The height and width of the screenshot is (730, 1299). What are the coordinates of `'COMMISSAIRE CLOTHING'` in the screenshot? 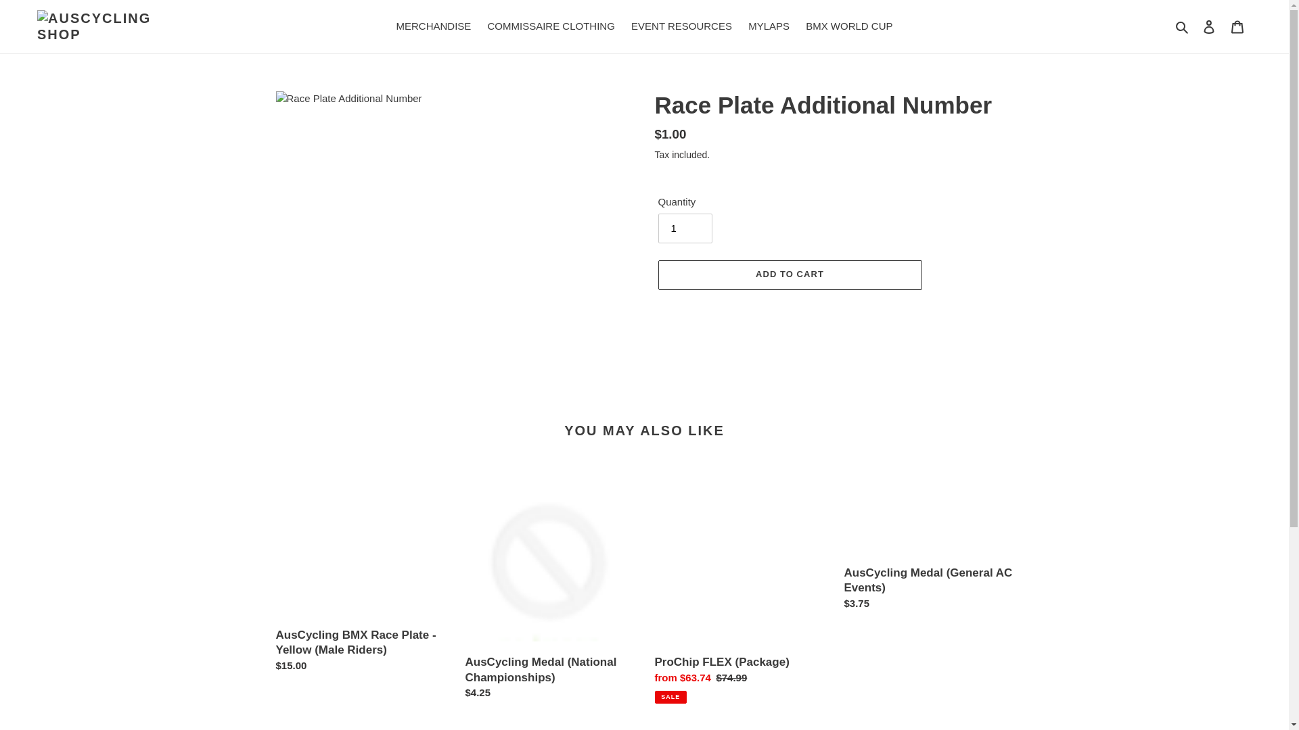 It's located at (551, 26).